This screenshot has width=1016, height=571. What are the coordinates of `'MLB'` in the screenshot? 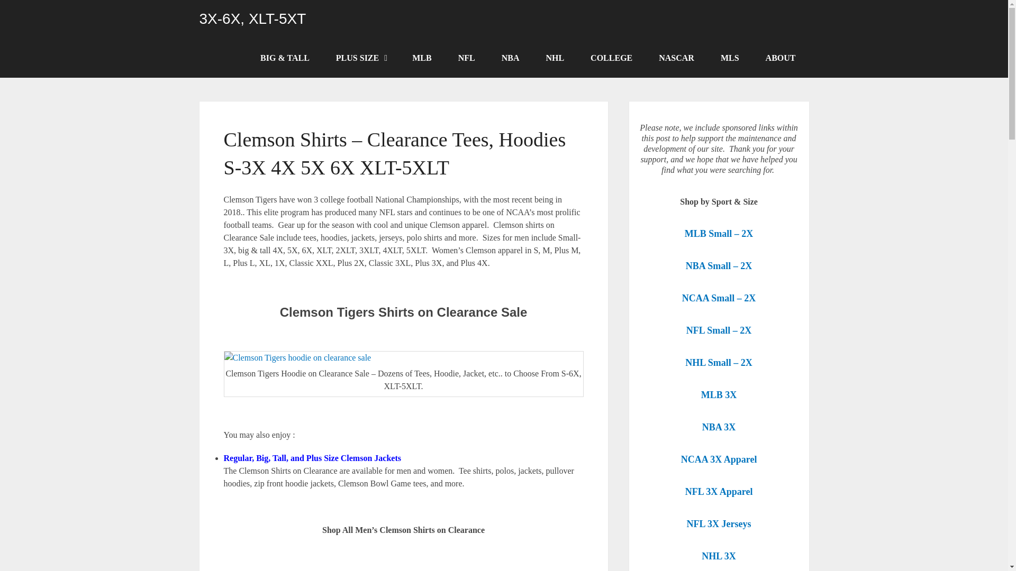 It's located at (398, 58).